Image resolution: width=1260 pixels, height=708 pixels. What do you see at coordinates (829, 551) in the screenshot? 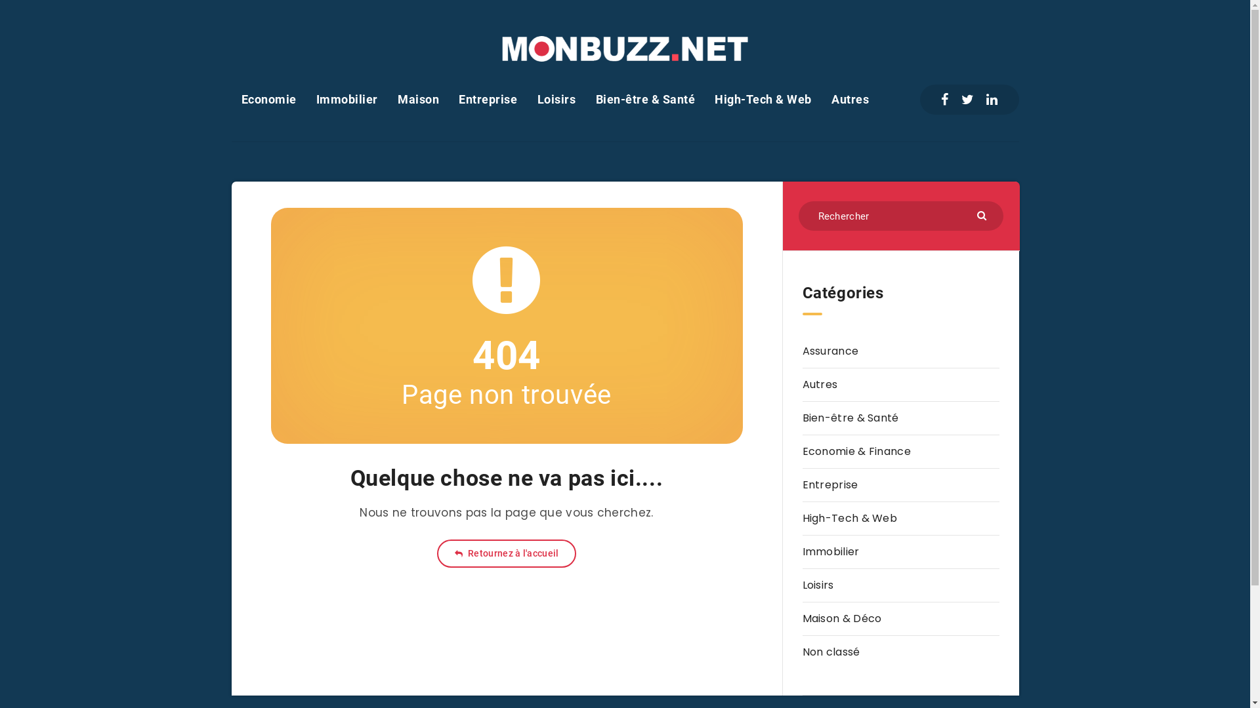
I see `'Immobilier'` at bounding box center [829, 551].